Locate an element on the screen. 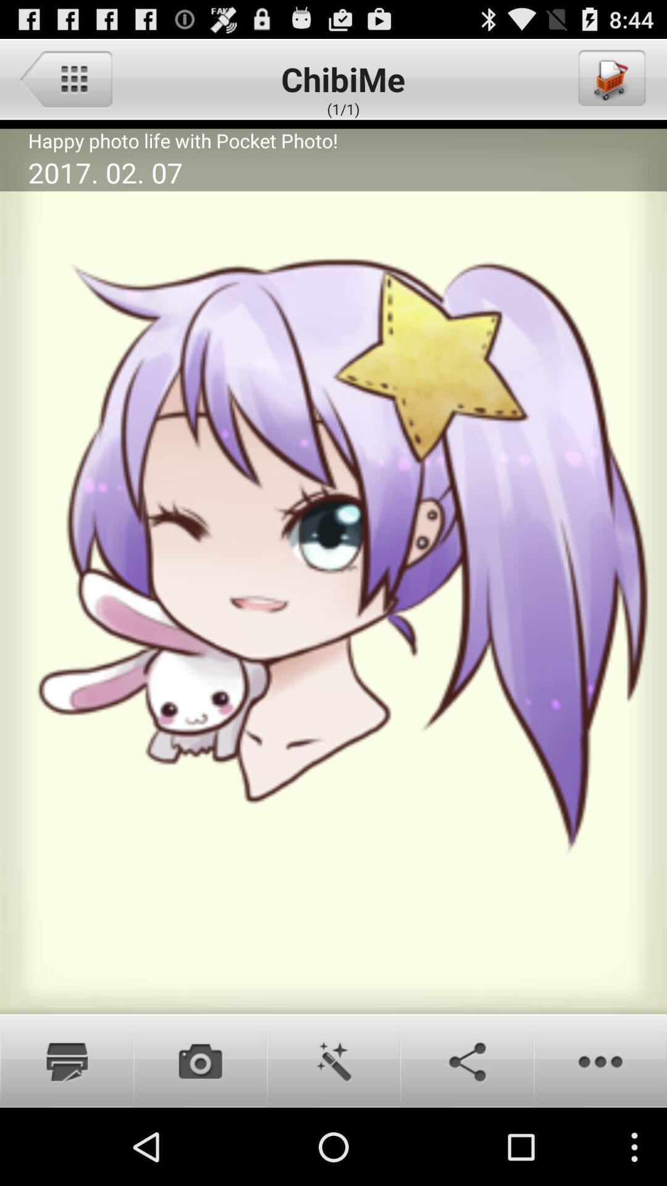 The height and width of the screenshot is (1186, 667). shopping cart button is located at coordinates (610, 78).